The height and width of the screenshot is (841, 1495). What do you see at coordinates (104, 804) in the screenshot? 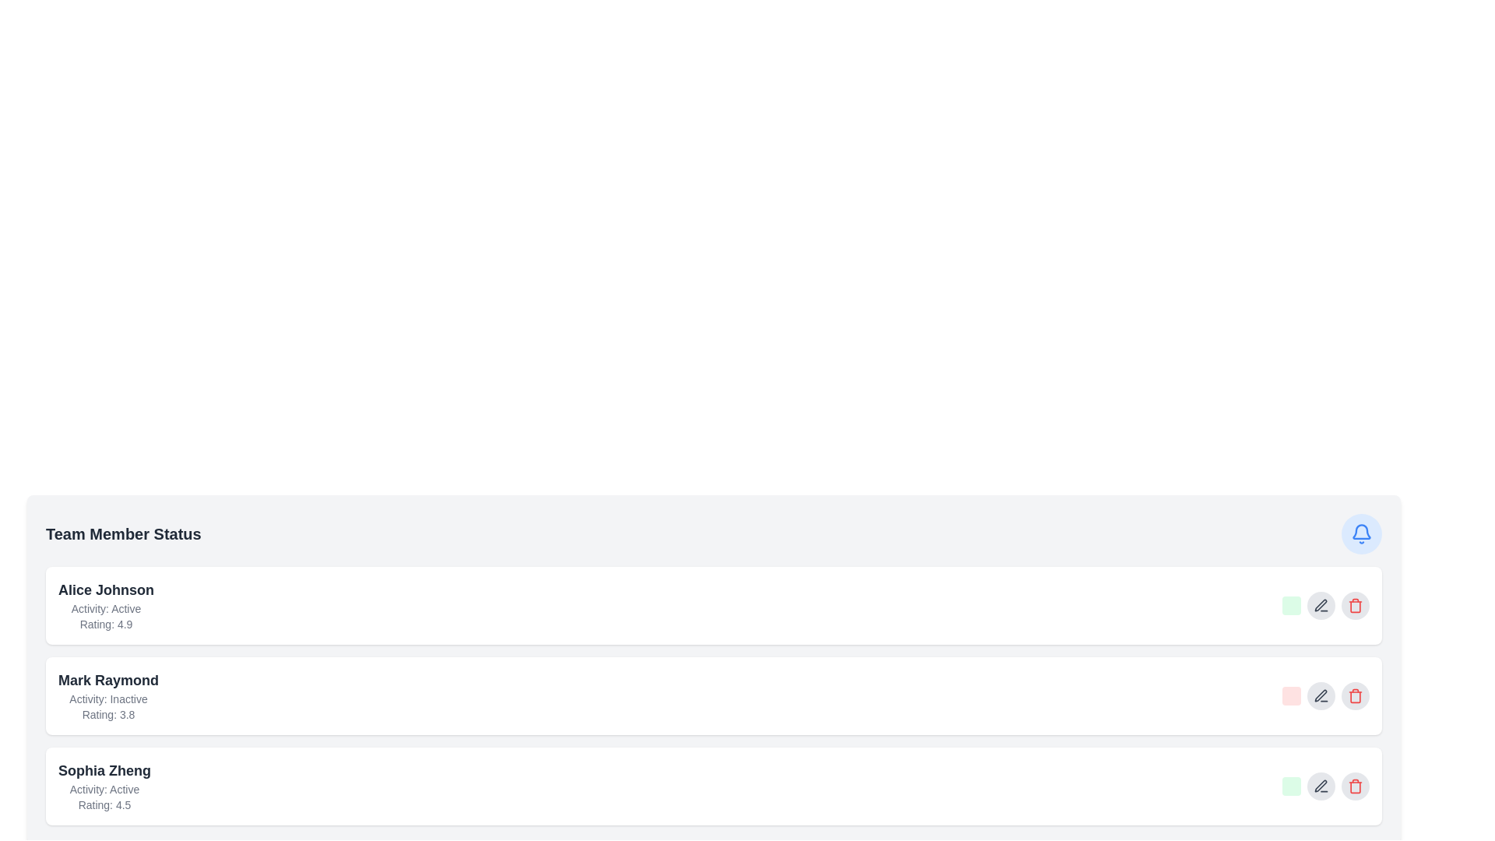
I see `the rating information text label, which is the third line of text in the user information card, located below 'Activity: Active' and 'Sophia Zheng'` at bounding box center [104, 804].